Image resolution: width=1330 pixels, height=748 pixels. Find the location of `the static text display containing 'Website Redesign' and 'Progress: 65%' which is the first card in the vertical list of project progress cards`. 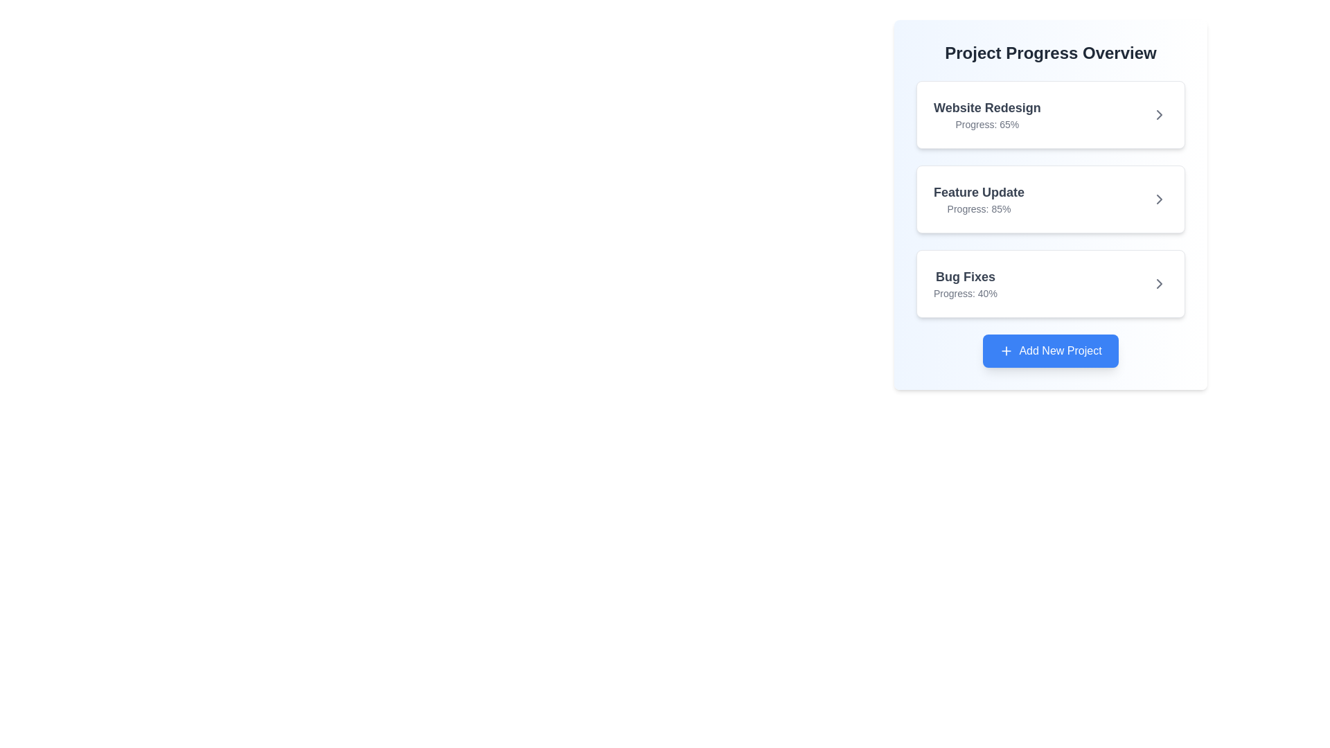

the static text display containing 'Website Redesign' and 'Progress: 65%' which is the first card in the vertical list of project progress cards is located at coordinates (986, 114).